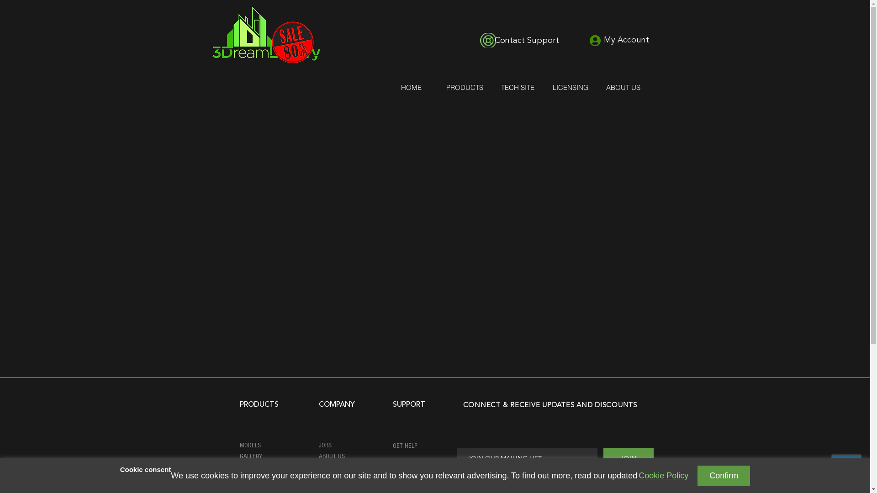 The height and width of the screenshot is (493, 877). What do you see at coordinates (526, 40) in the screenshot?
I see `'Contact Support'` at bounding box center [526, 40].